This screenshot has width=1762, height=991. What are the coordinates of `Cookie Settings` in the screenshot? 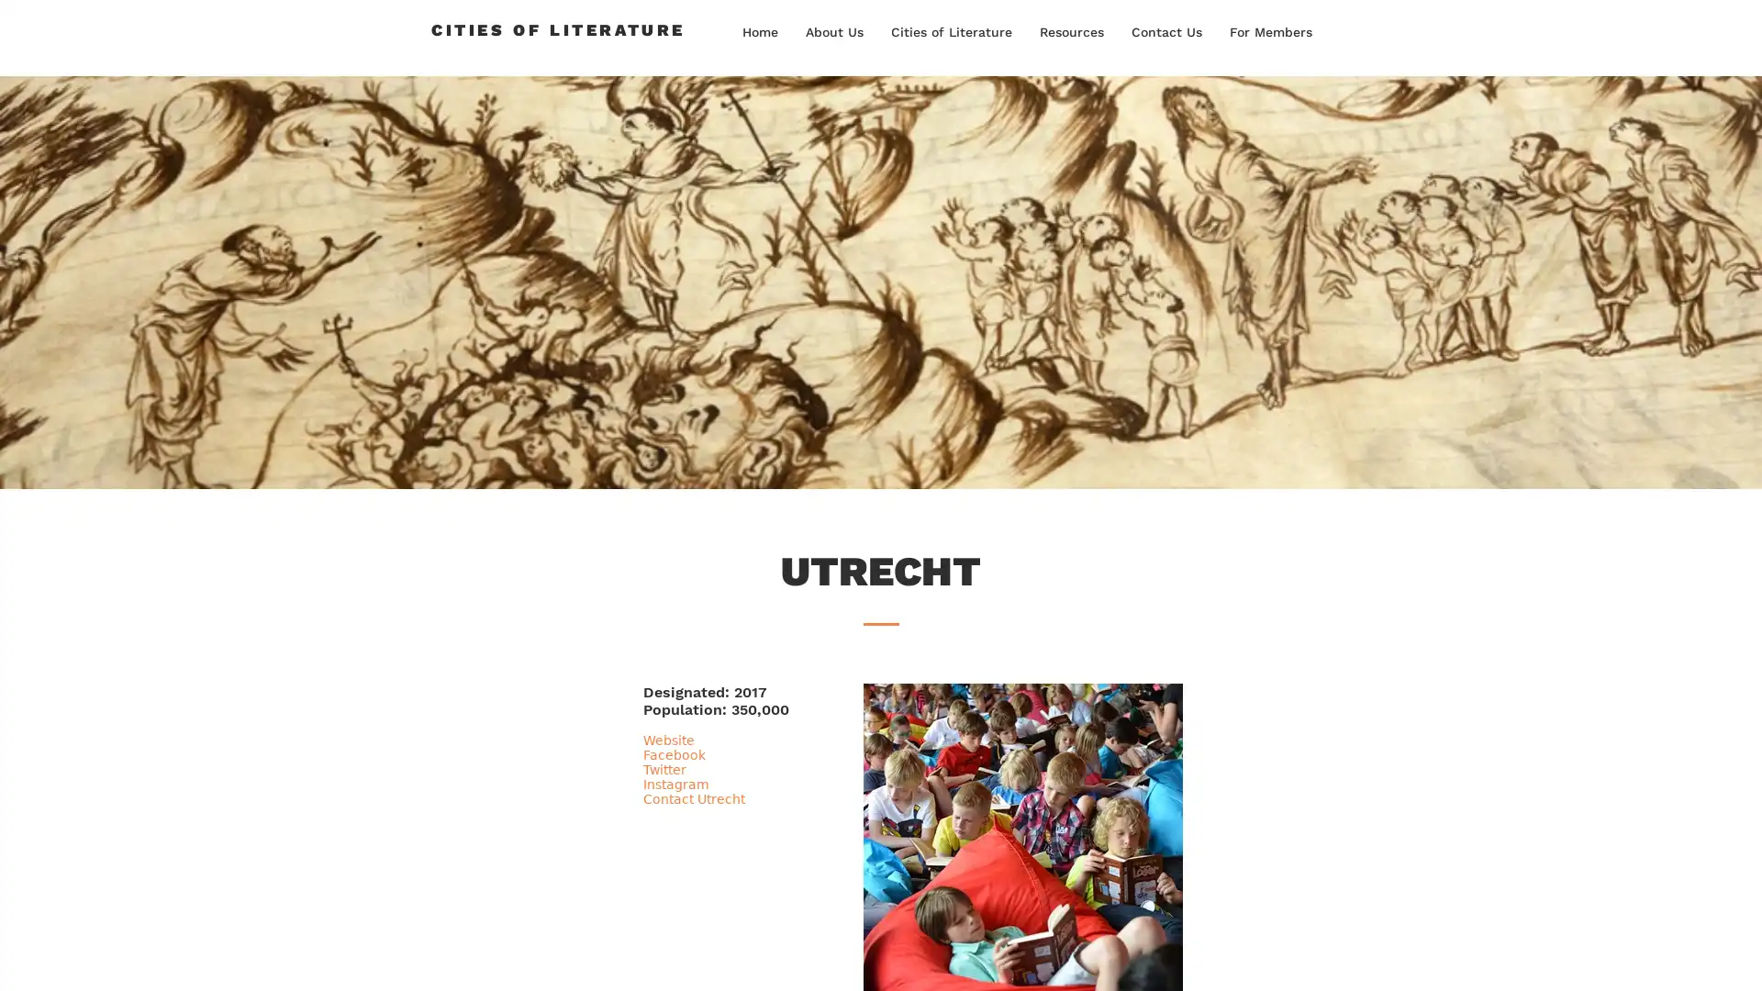 It's located at (1563, 958).